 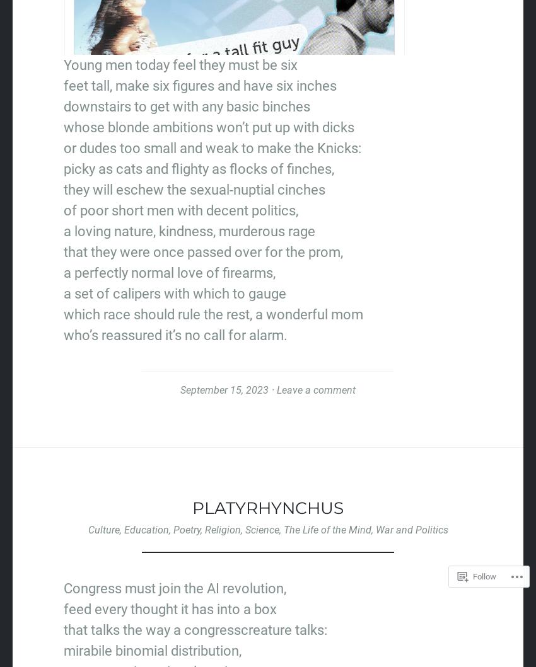 What do you see at coordinates (200, 84) in the screenshot?
I see `'feet tall, make six figures and have six inches'` at bounding box center [200, 84].